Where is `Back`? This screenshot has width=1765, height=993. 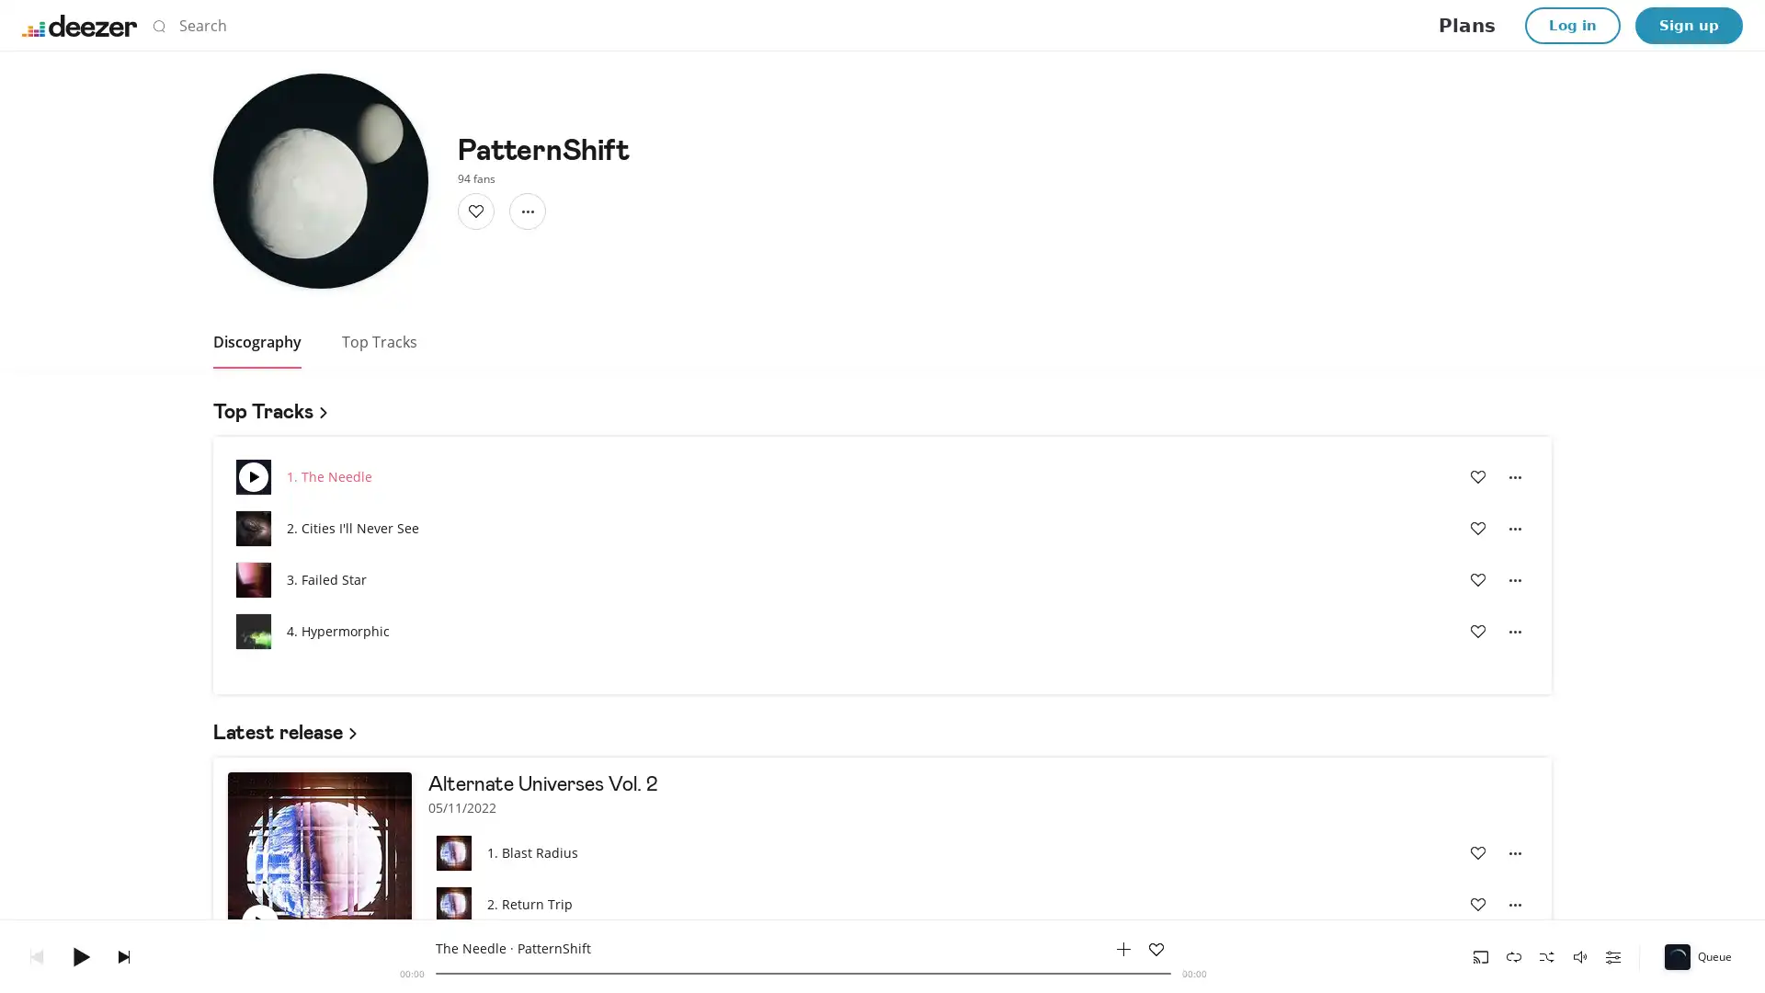 Back is located at coordinates (36, 955).